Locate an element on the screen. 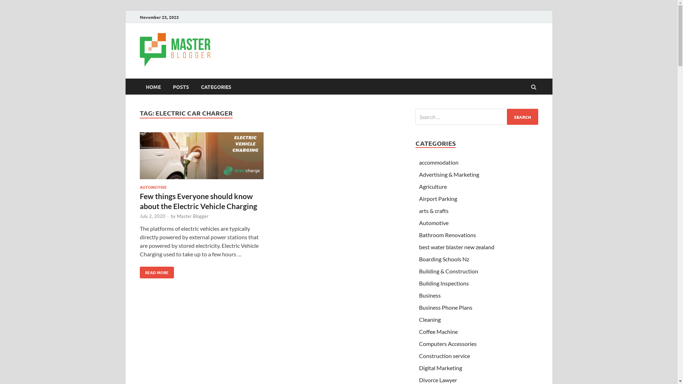 The image size is (683, 384). 'HOME' is located at coordinates (139, 86).